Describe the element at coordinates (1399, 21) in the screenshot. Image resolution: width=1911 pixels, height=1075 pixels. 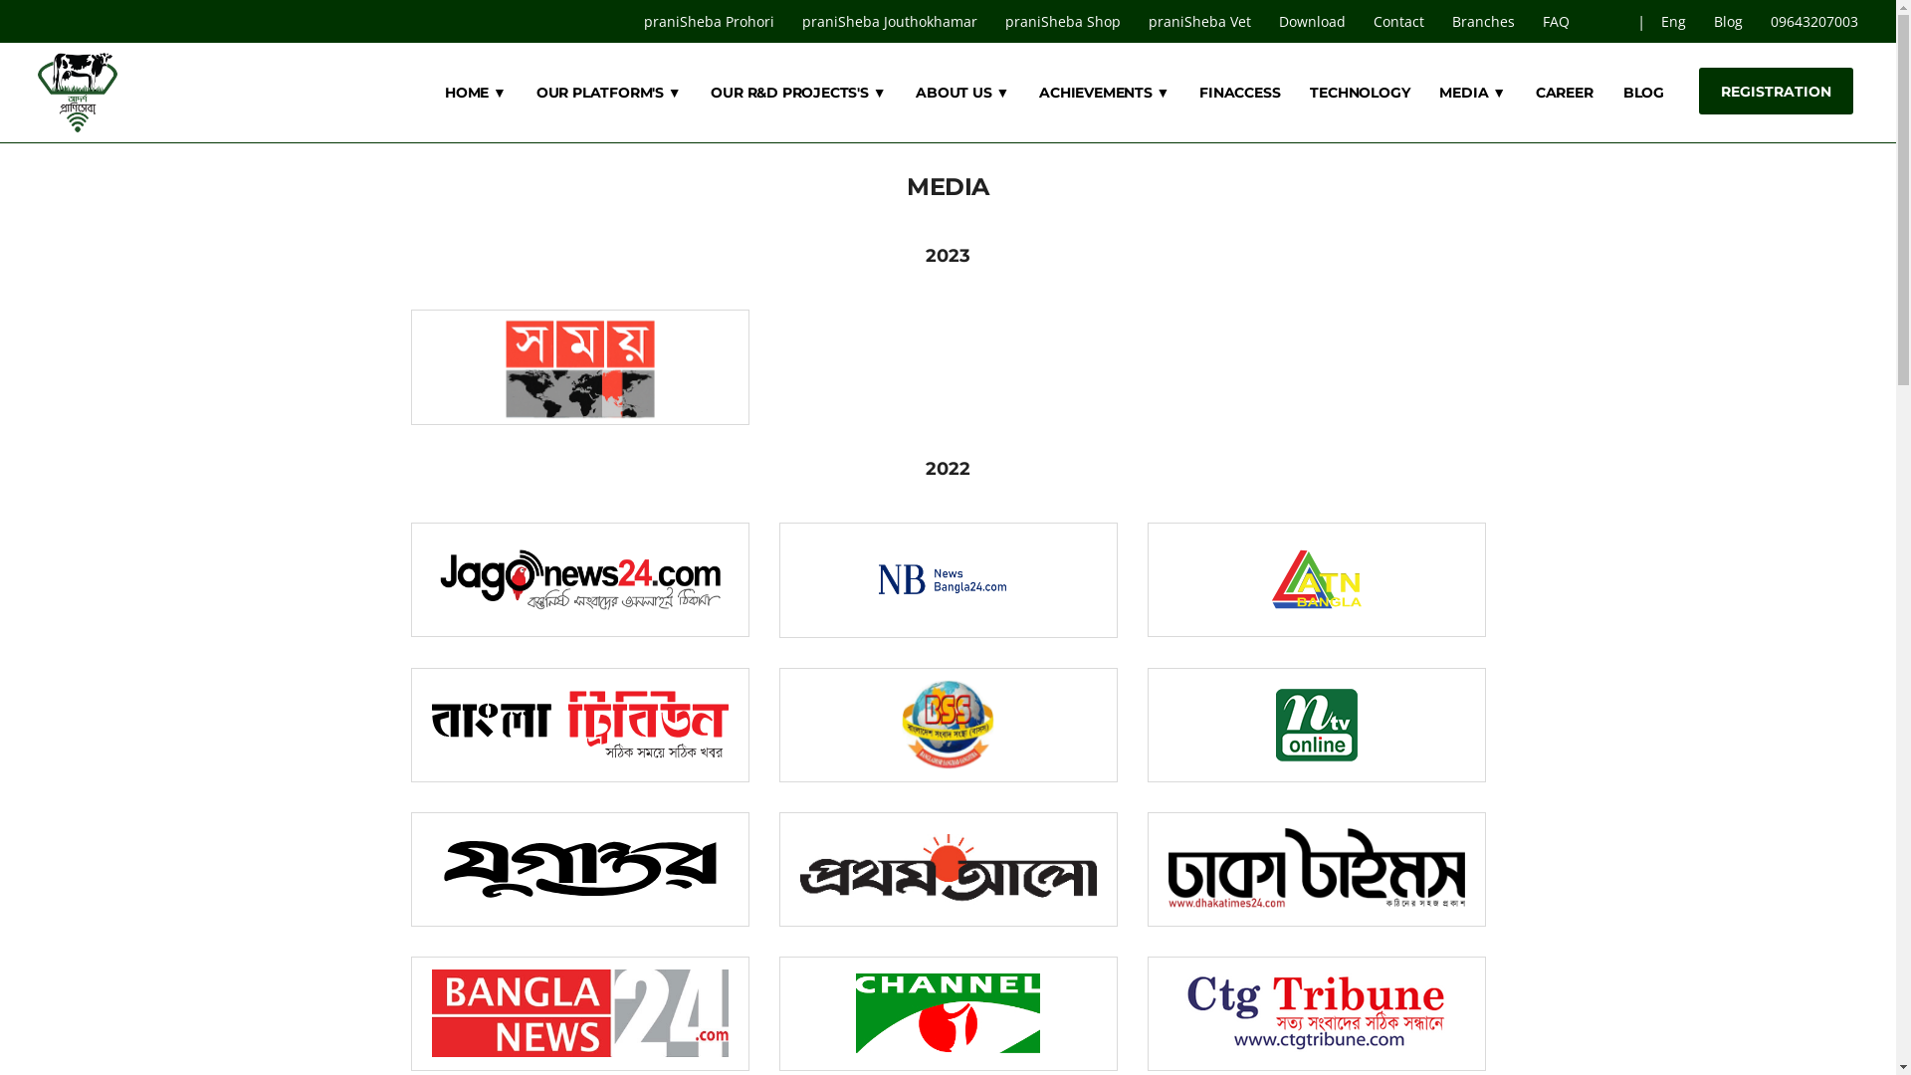
I see `'Contact'` at that location.